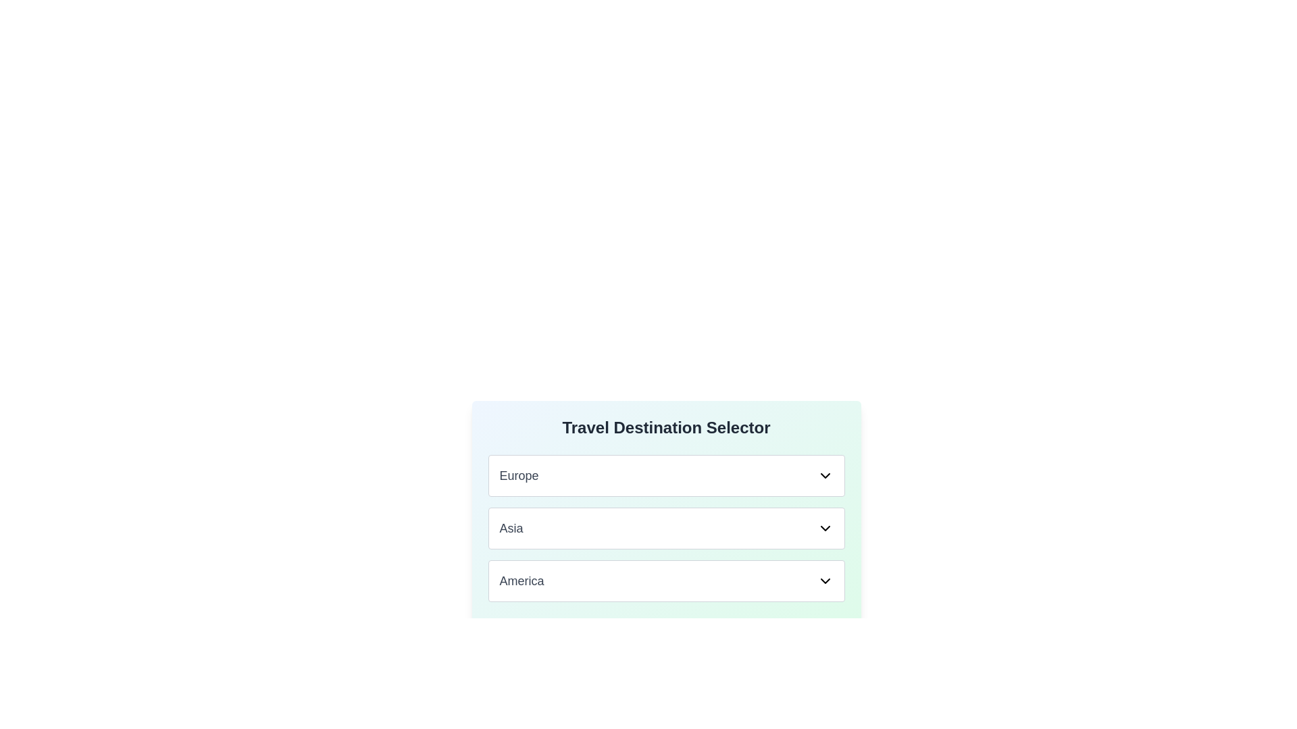  What do you see at coordinates (666, 475) in the screenshot?
I see `the top-most dropdown selector labeled 'Europe'` at bounding box center [666, 475].